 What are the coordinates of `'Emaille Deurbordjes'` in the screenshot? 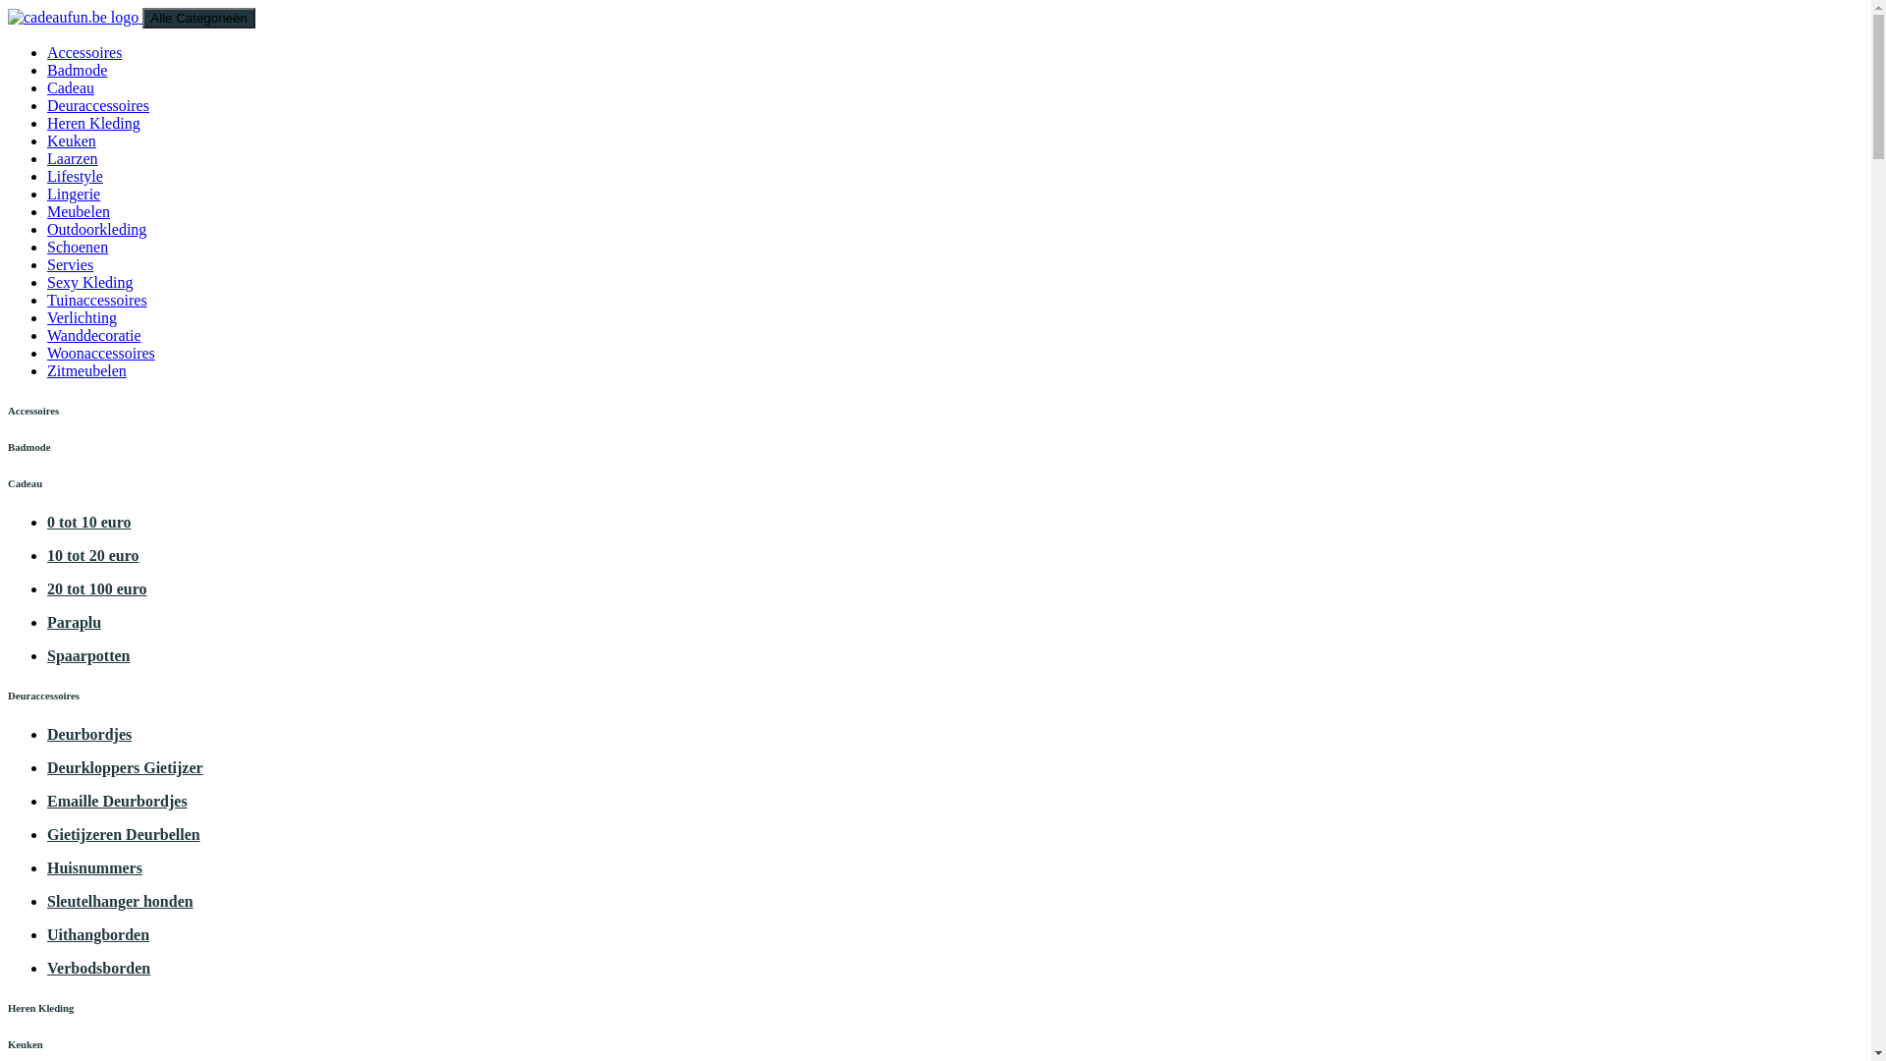 It's located at (116, 801).